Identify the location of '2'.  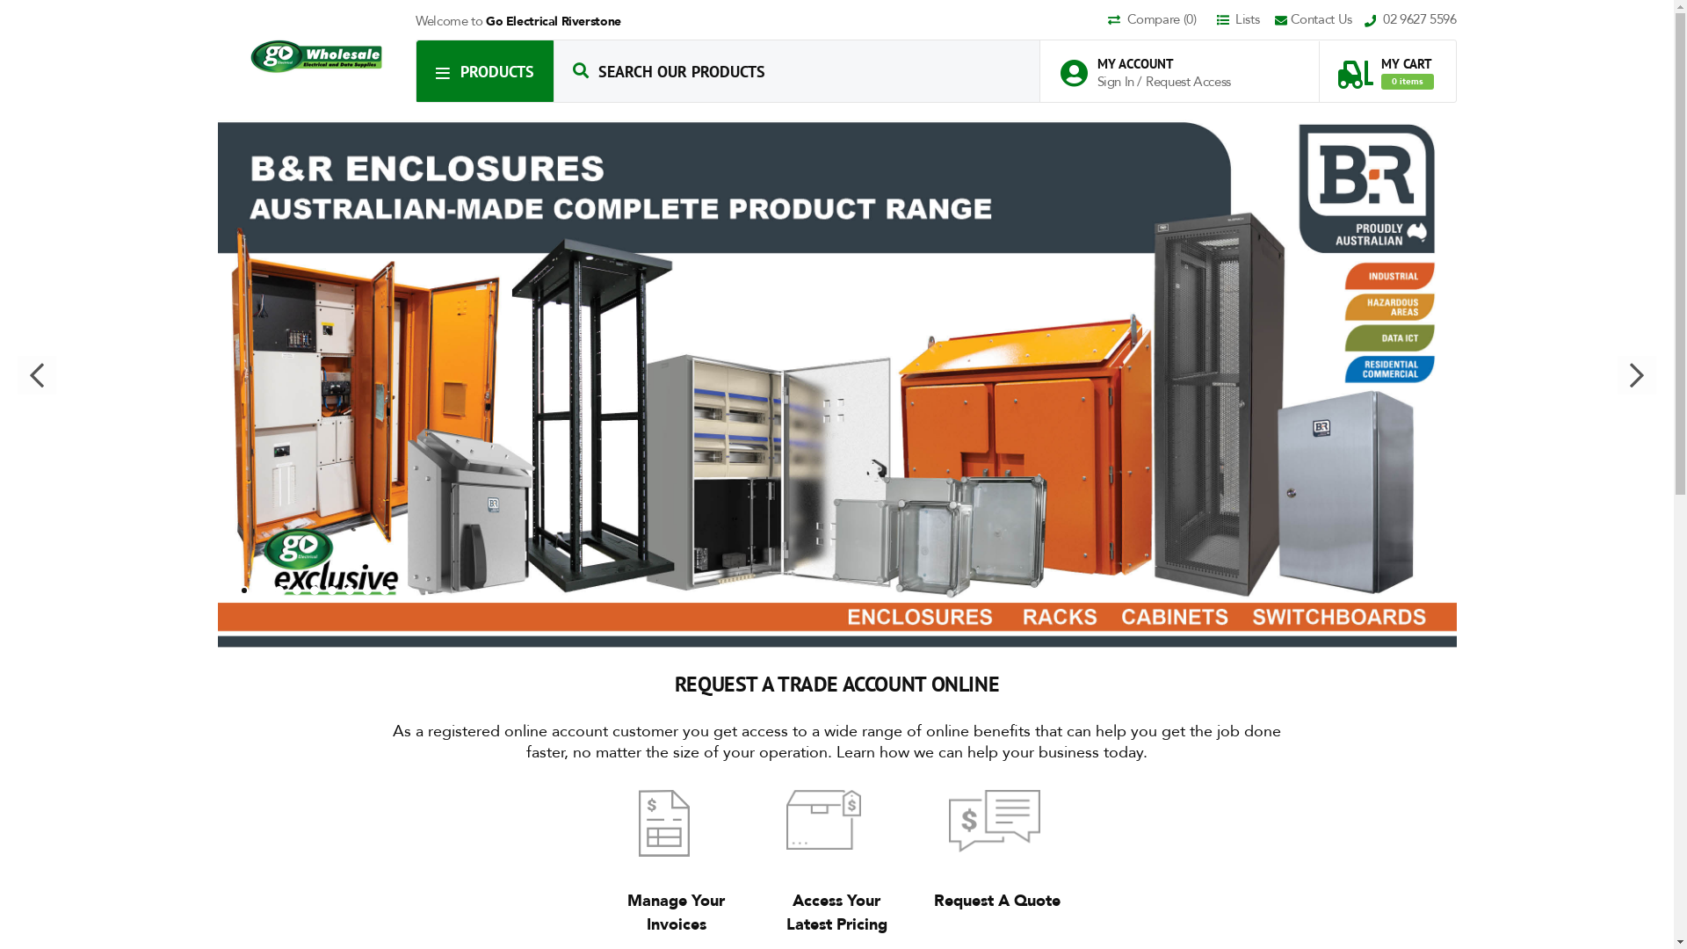
(243, 590).